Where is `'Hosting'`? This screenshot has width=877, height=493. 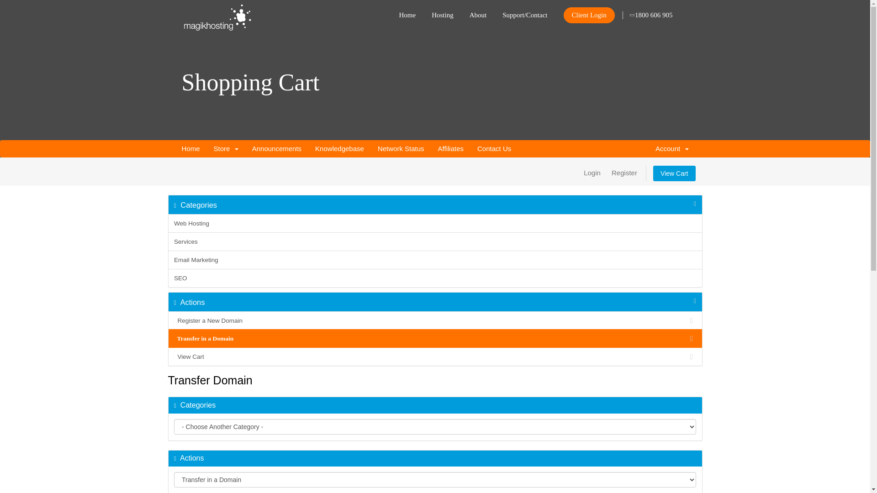
'Hosting' is located at coordinates (431, 12).